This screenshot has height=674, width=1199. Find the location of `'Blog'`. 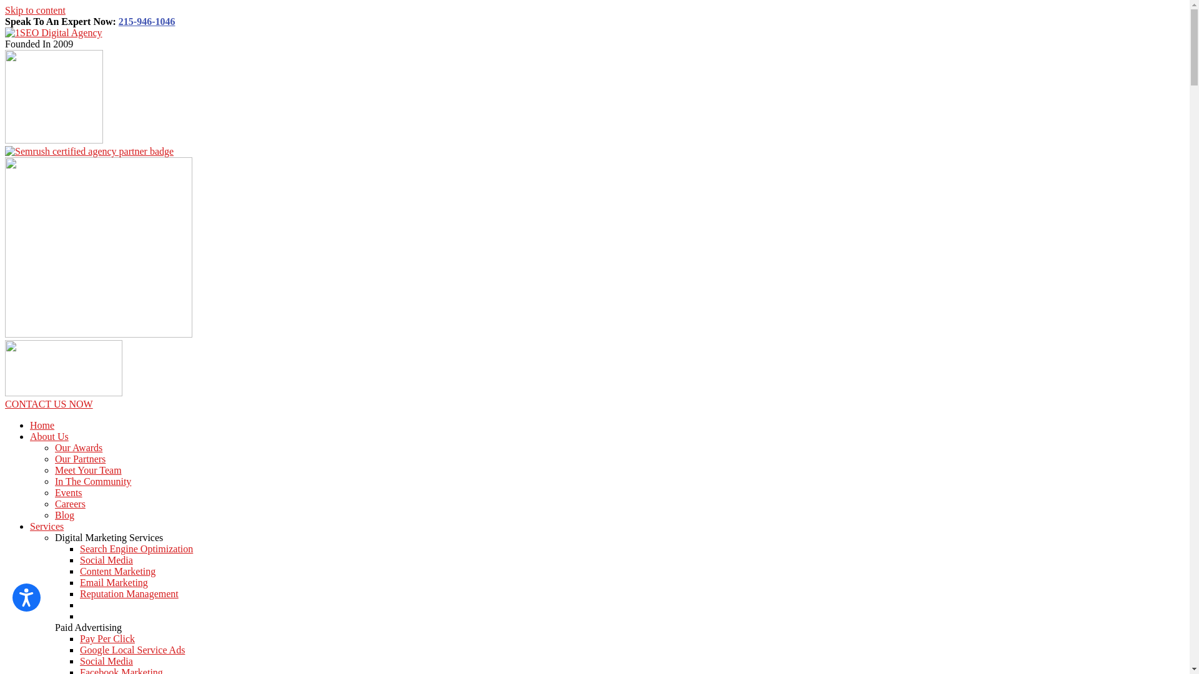

'Blog' is located at coordinates (64, 515).